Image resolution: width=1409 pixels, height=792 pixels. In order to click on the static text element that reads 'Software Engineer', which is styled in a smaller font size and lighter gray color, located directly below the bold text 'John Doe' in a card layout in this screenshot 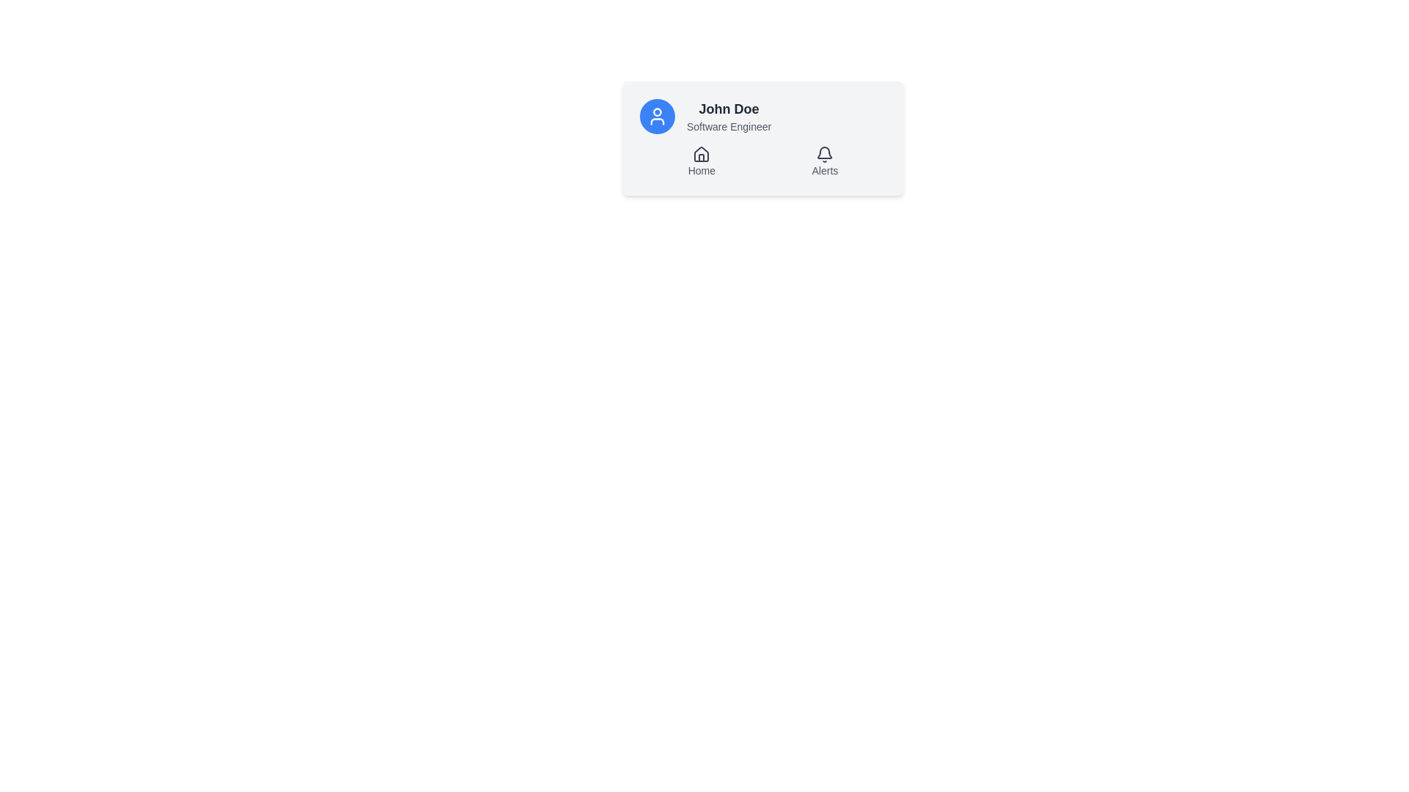, I will do `click(729, 126)`.